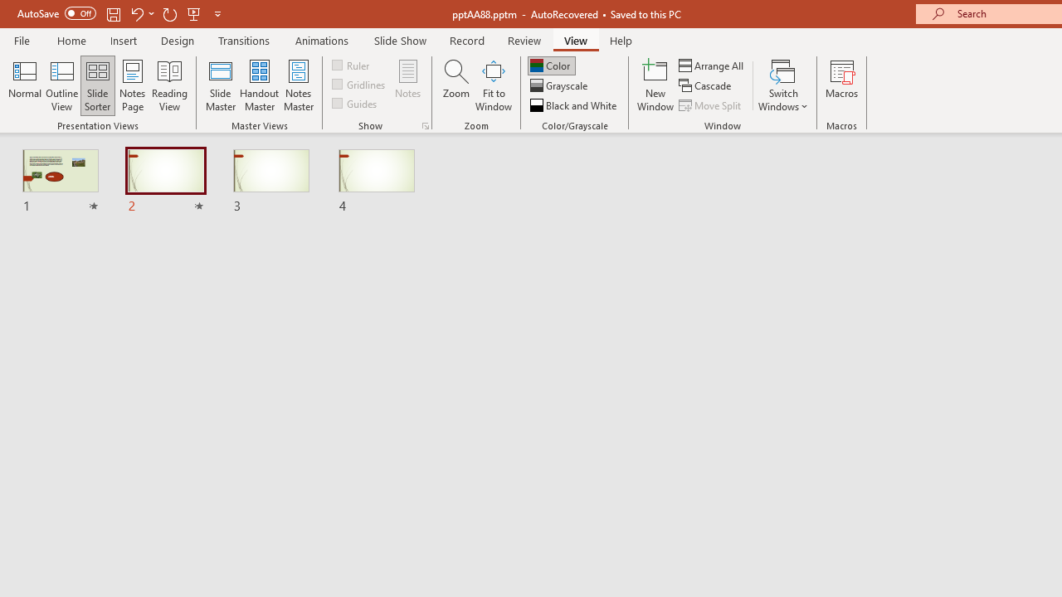 Image resolution: width=1062 pixels, height=597 pixels. I want to click on 'Move Split', so click(711, 105).